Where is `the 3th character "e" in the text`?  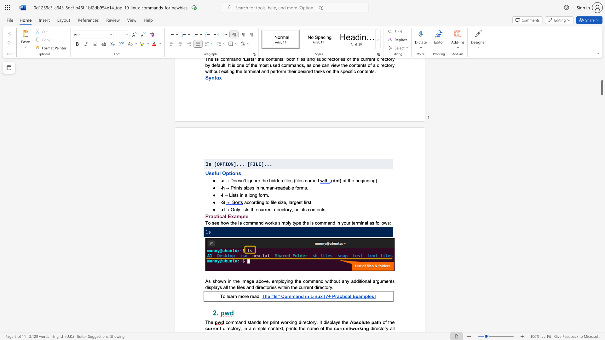 the 3th character "e" in the text is located at coordinates (278, 328).